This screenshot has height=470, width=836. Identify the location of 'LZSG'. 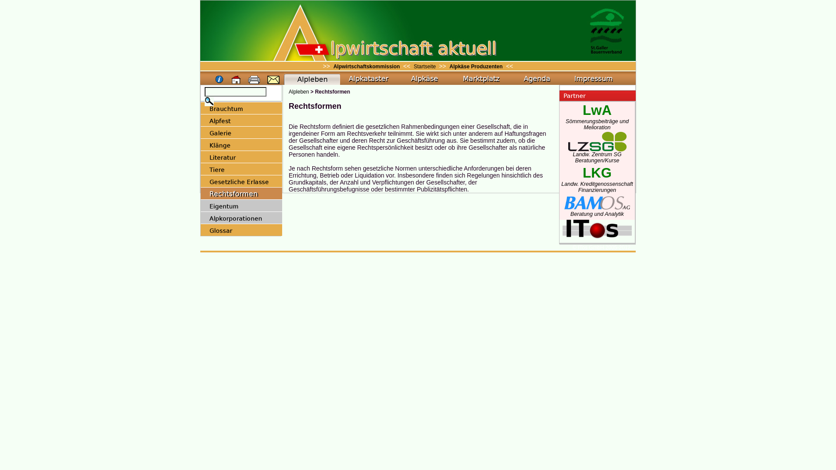
(597, 141).